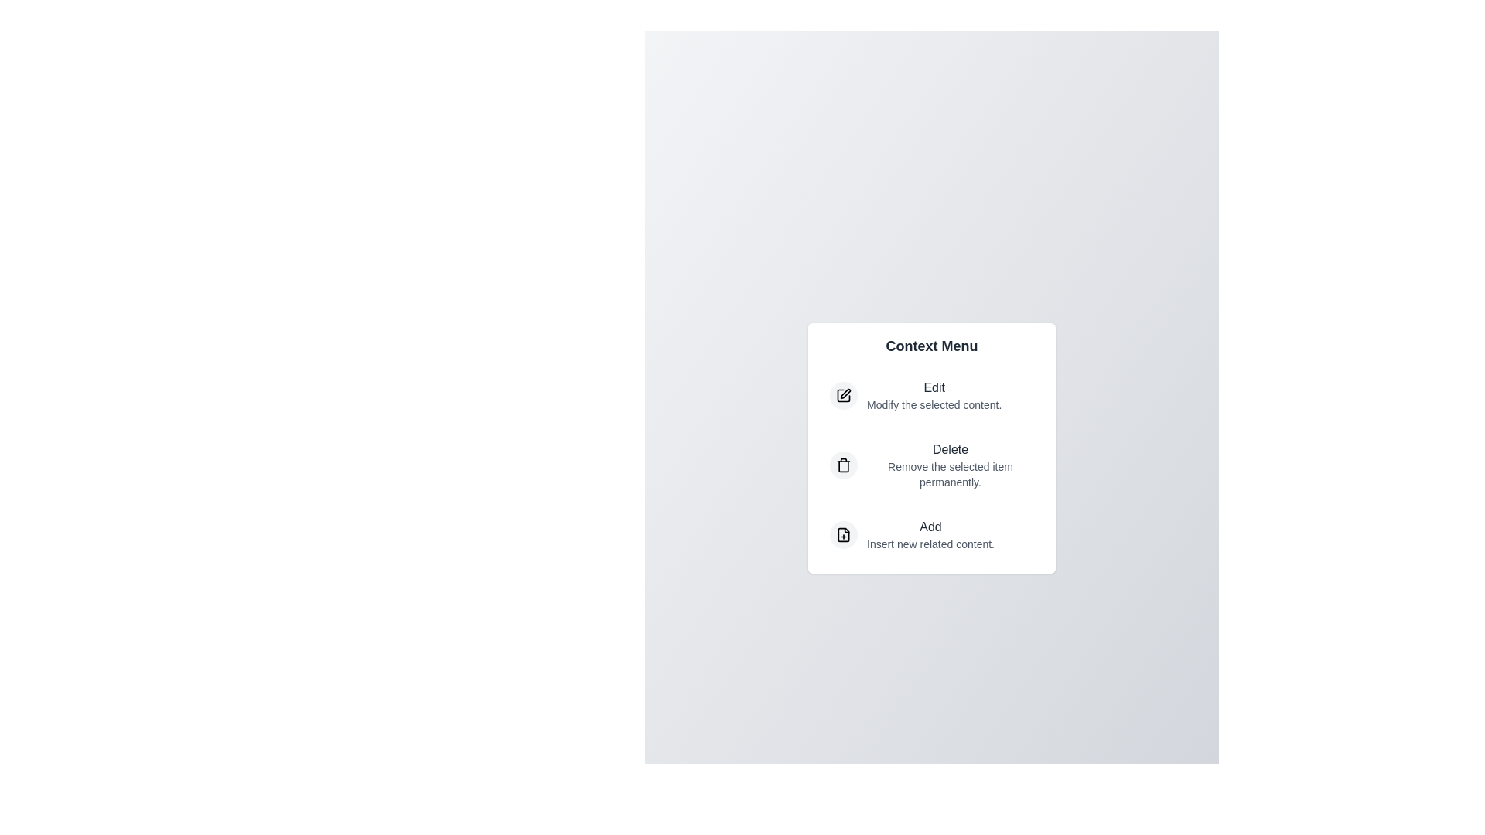 This screenshot has width=1485, height=835. I want to click on the menu item labeled Delete to view its hover effect, so click(930, 464).